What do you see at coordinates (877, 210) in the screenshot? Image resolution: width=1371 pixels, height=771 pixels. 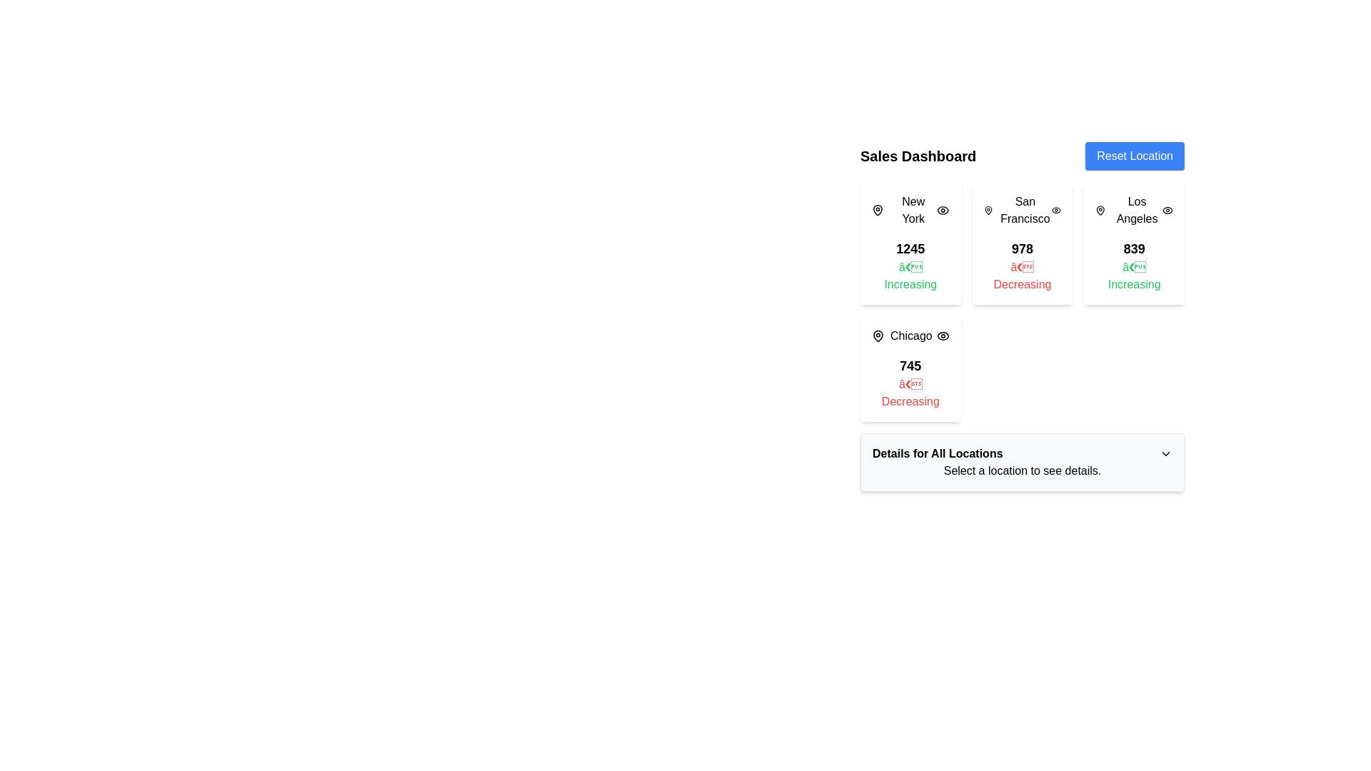 I see `the location marker icon that indicates the reference point for 'New York', positioned on the upper left side of the layout, to the immediate left of the text label` at bounding box center [877, 210].